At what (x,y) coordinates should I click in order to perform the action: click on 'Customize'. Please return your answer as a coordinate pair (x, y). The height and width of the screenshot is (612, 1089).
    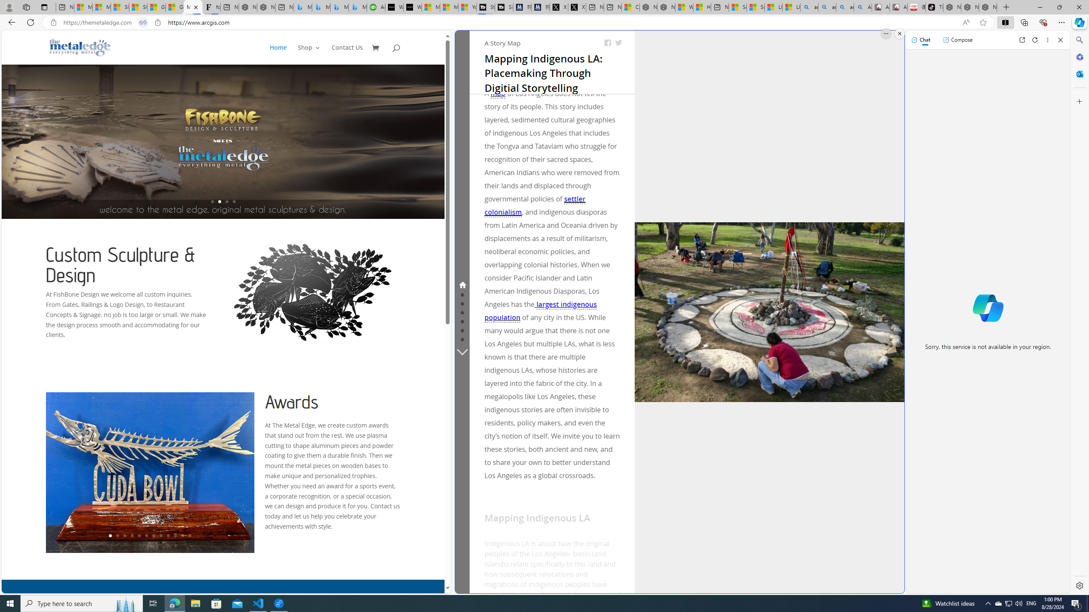
    Looking at the image, I should click on (1078, 101).